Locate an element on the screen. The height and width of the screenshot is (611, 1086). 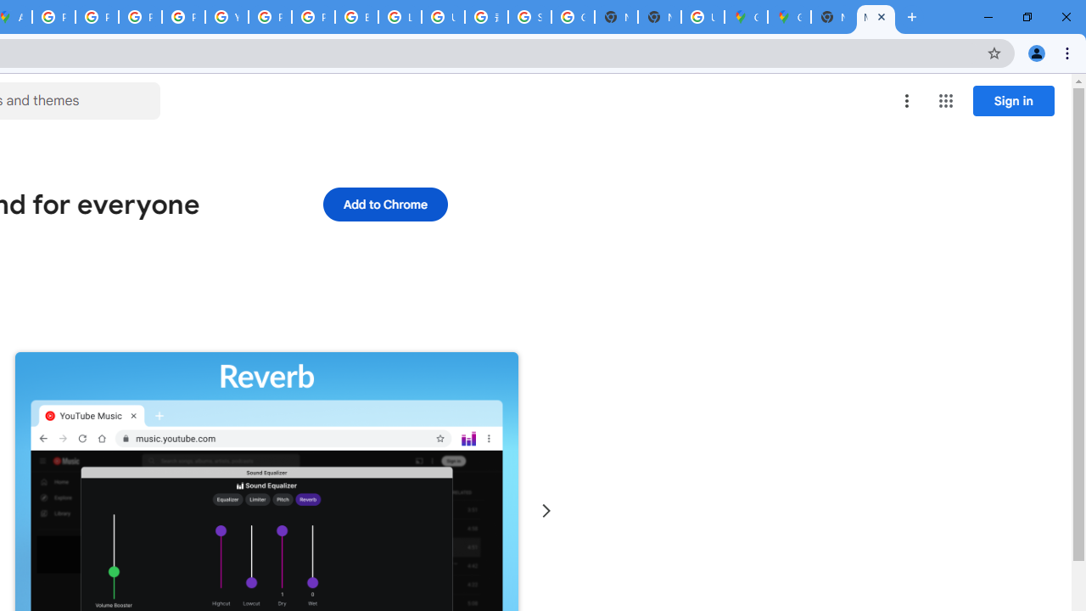
'Privacy Help Center - Policies Help' is located at coordinates (95, 17).